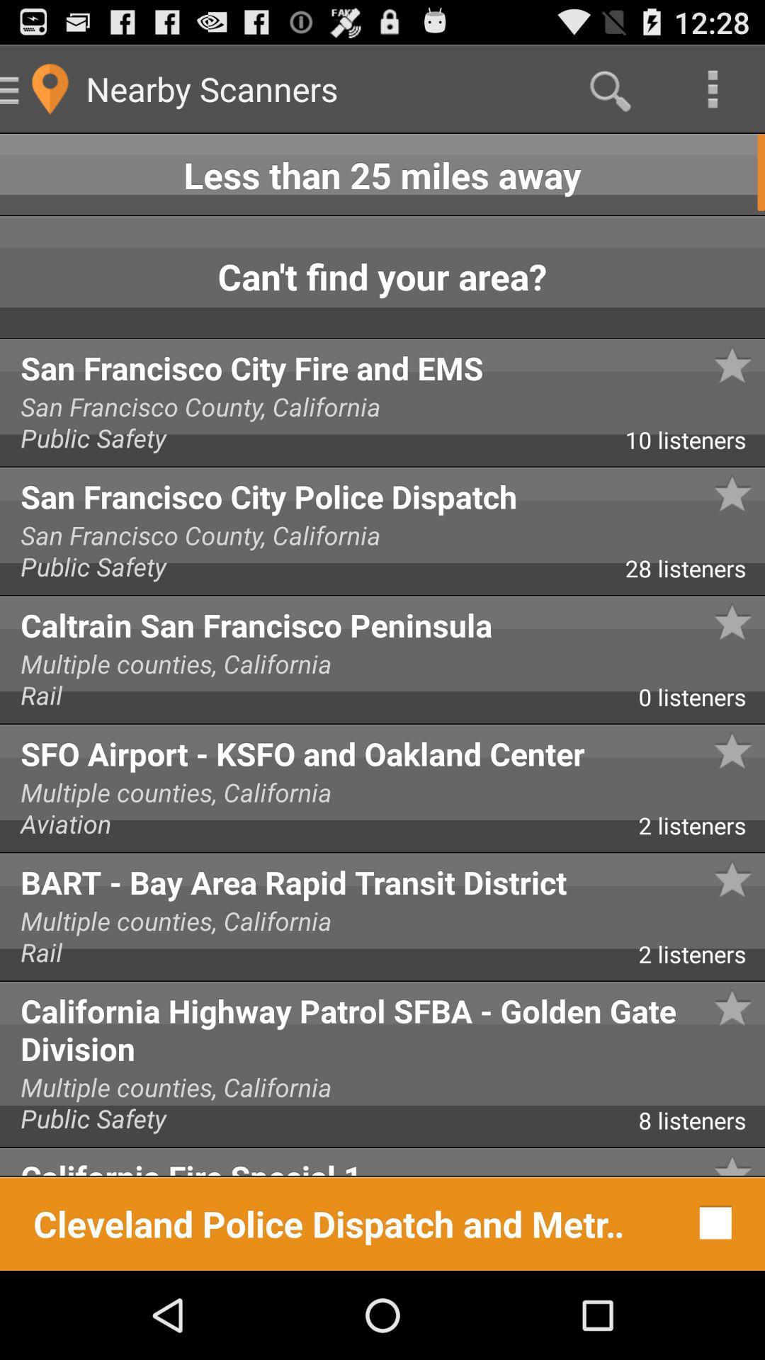  Describe the element at coordinates (732, 365) in the screenshot. I see `the star symbol next to san francisco city police dispatch` at that location.